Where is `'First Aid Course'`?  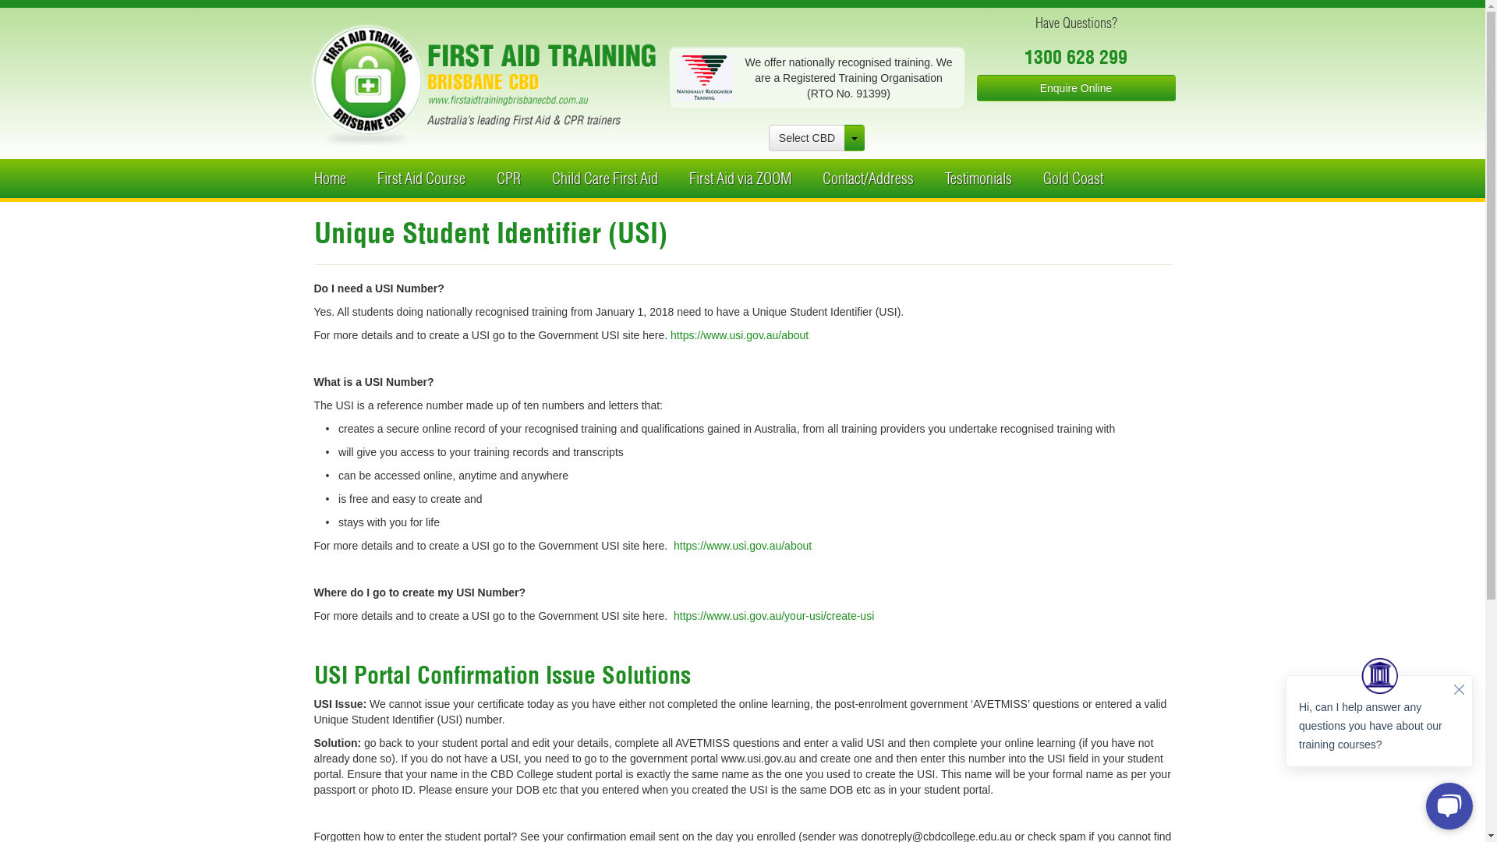
'First Aid Course' is located at coordinates (421, 177).